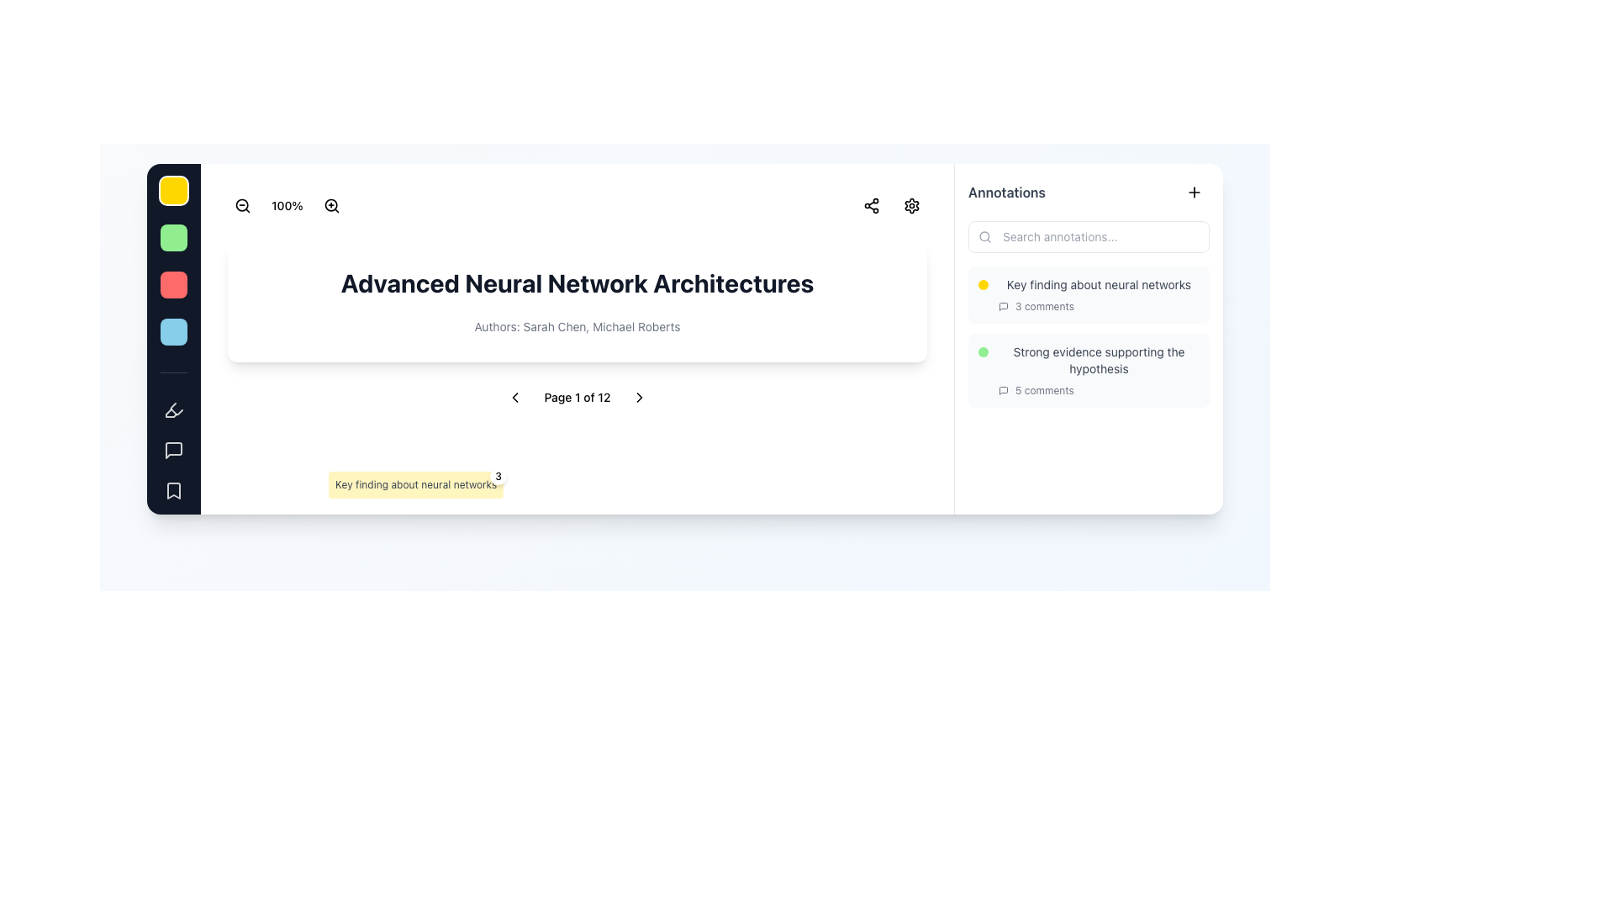  Describe the element at coordinates (910, 205) in the screenshot. I see `the settings button located in the top-right corner of the main content area, adjacent to a share icon` at that location.